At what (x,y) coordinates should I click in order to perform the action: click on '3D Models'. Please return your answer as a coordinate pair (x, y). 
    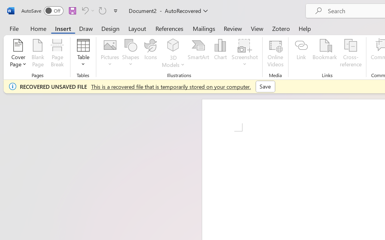
    Looking at the image, I should click on (173, 45).